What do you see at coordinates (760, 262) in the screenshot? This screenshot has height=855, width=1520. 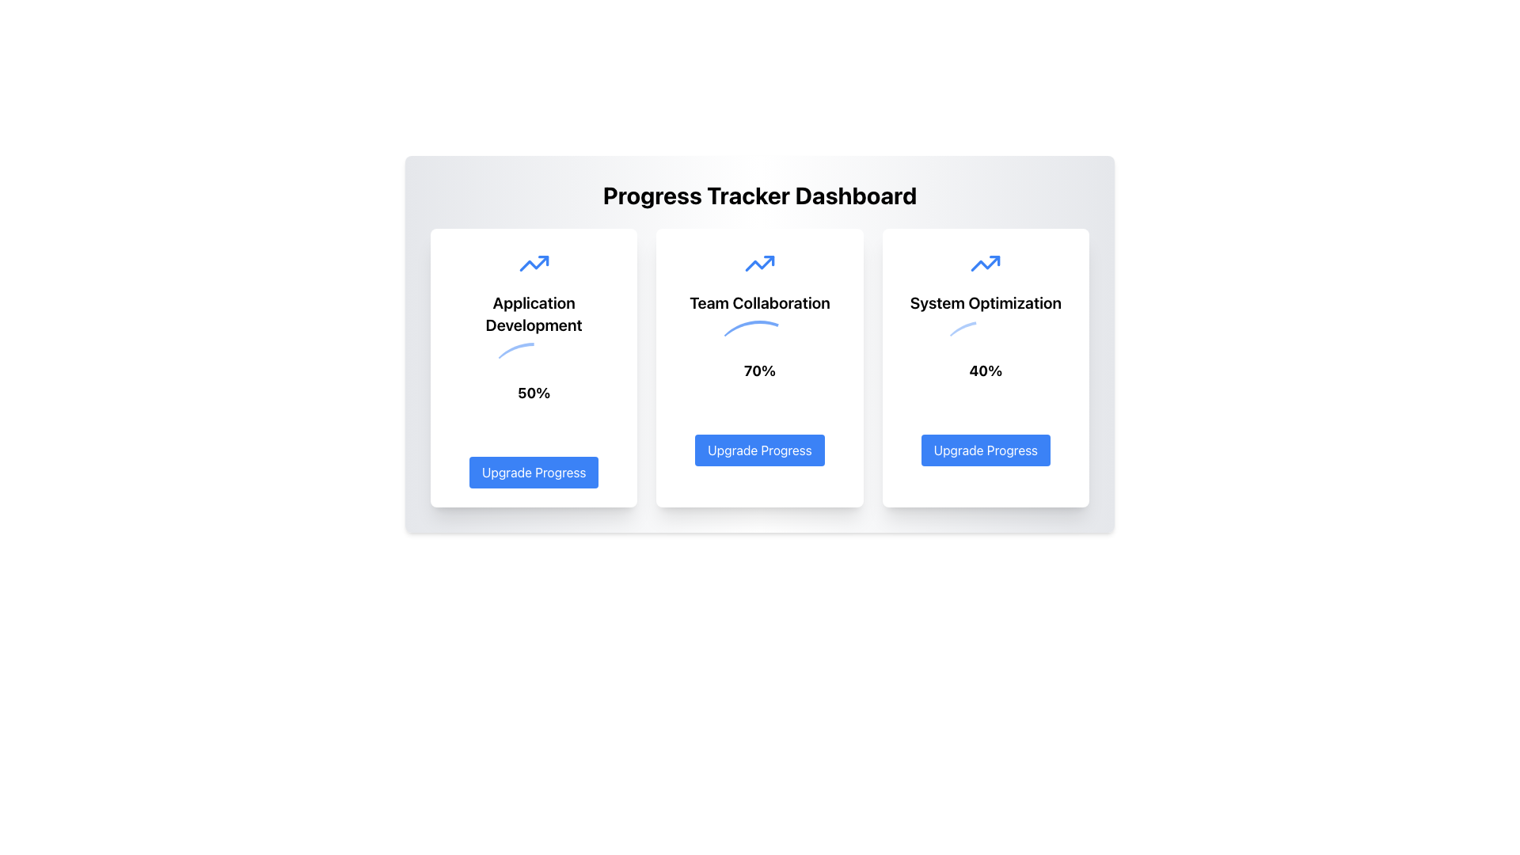 I see `the upward trending blue arrow icon located above the 'Team Collaboration' text and to the left of the '70%' circular display in the central card` at bounding box center [760, 262].